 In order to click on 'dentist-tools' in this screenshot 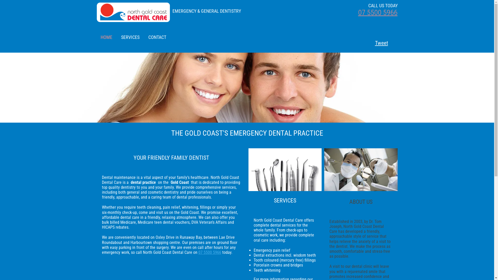, I will do `click(285, 170)`.